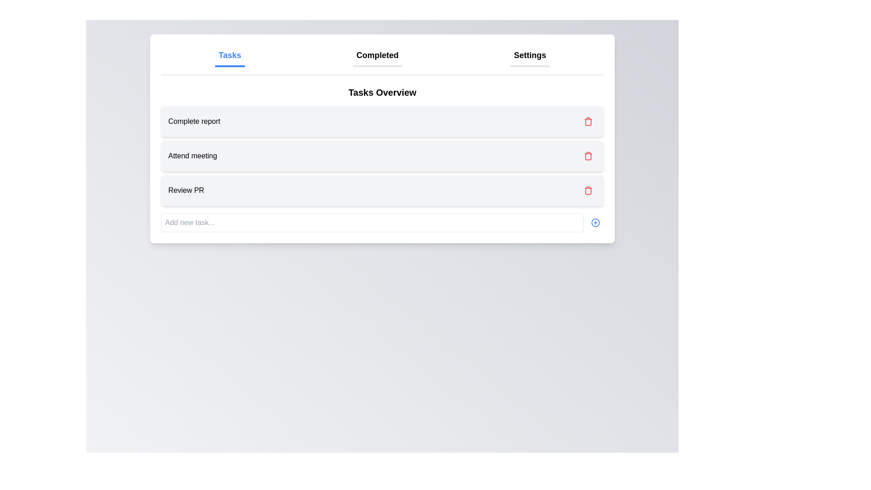 The width and height of the screenshot is (871, 490). What do you see at coordinates (192, 155) in the screenshot?
I see `the text display element showing the title 'Attend meeting' in the task management interface, located in the second task item in the list` at bounding box center [192, 155].